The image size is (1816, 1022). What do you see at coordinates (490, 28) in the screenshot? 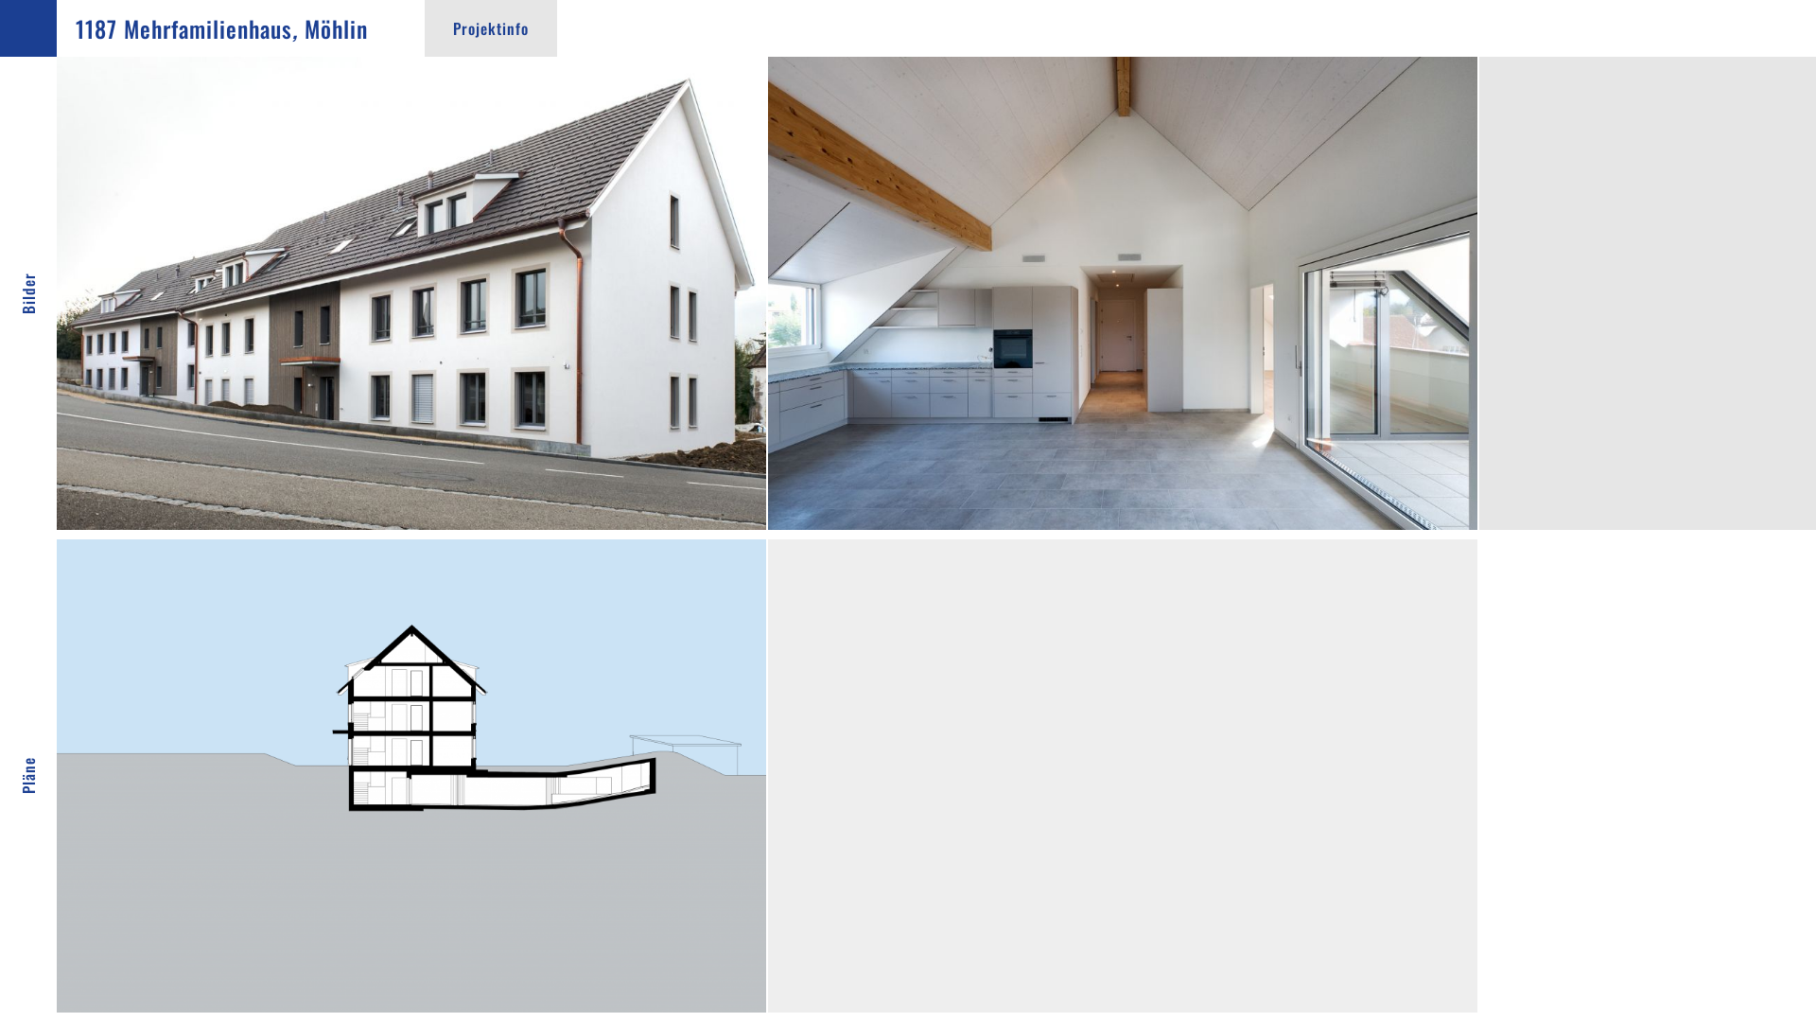
I see `'Projektinfo'` at bounding box center [490, 28].